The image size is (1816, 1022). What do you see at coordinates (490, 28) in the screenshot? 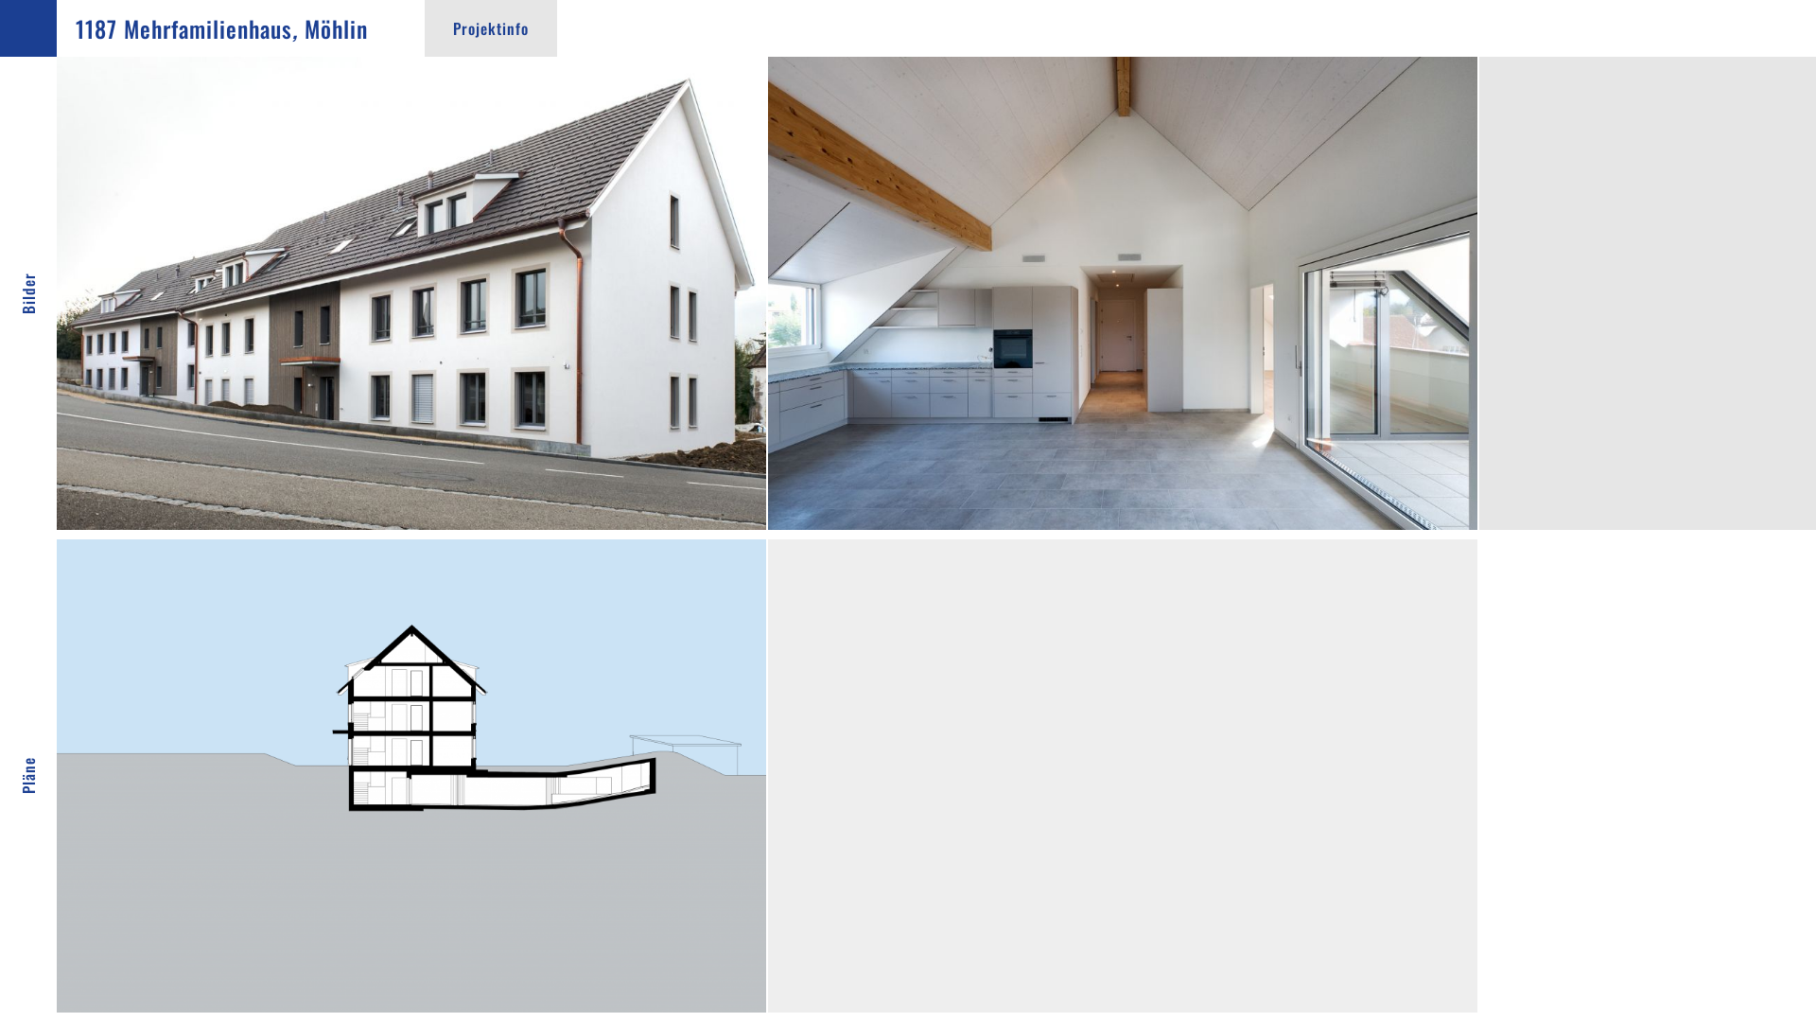
I see `'Projektinfo'` at bounding box center [490, 28].